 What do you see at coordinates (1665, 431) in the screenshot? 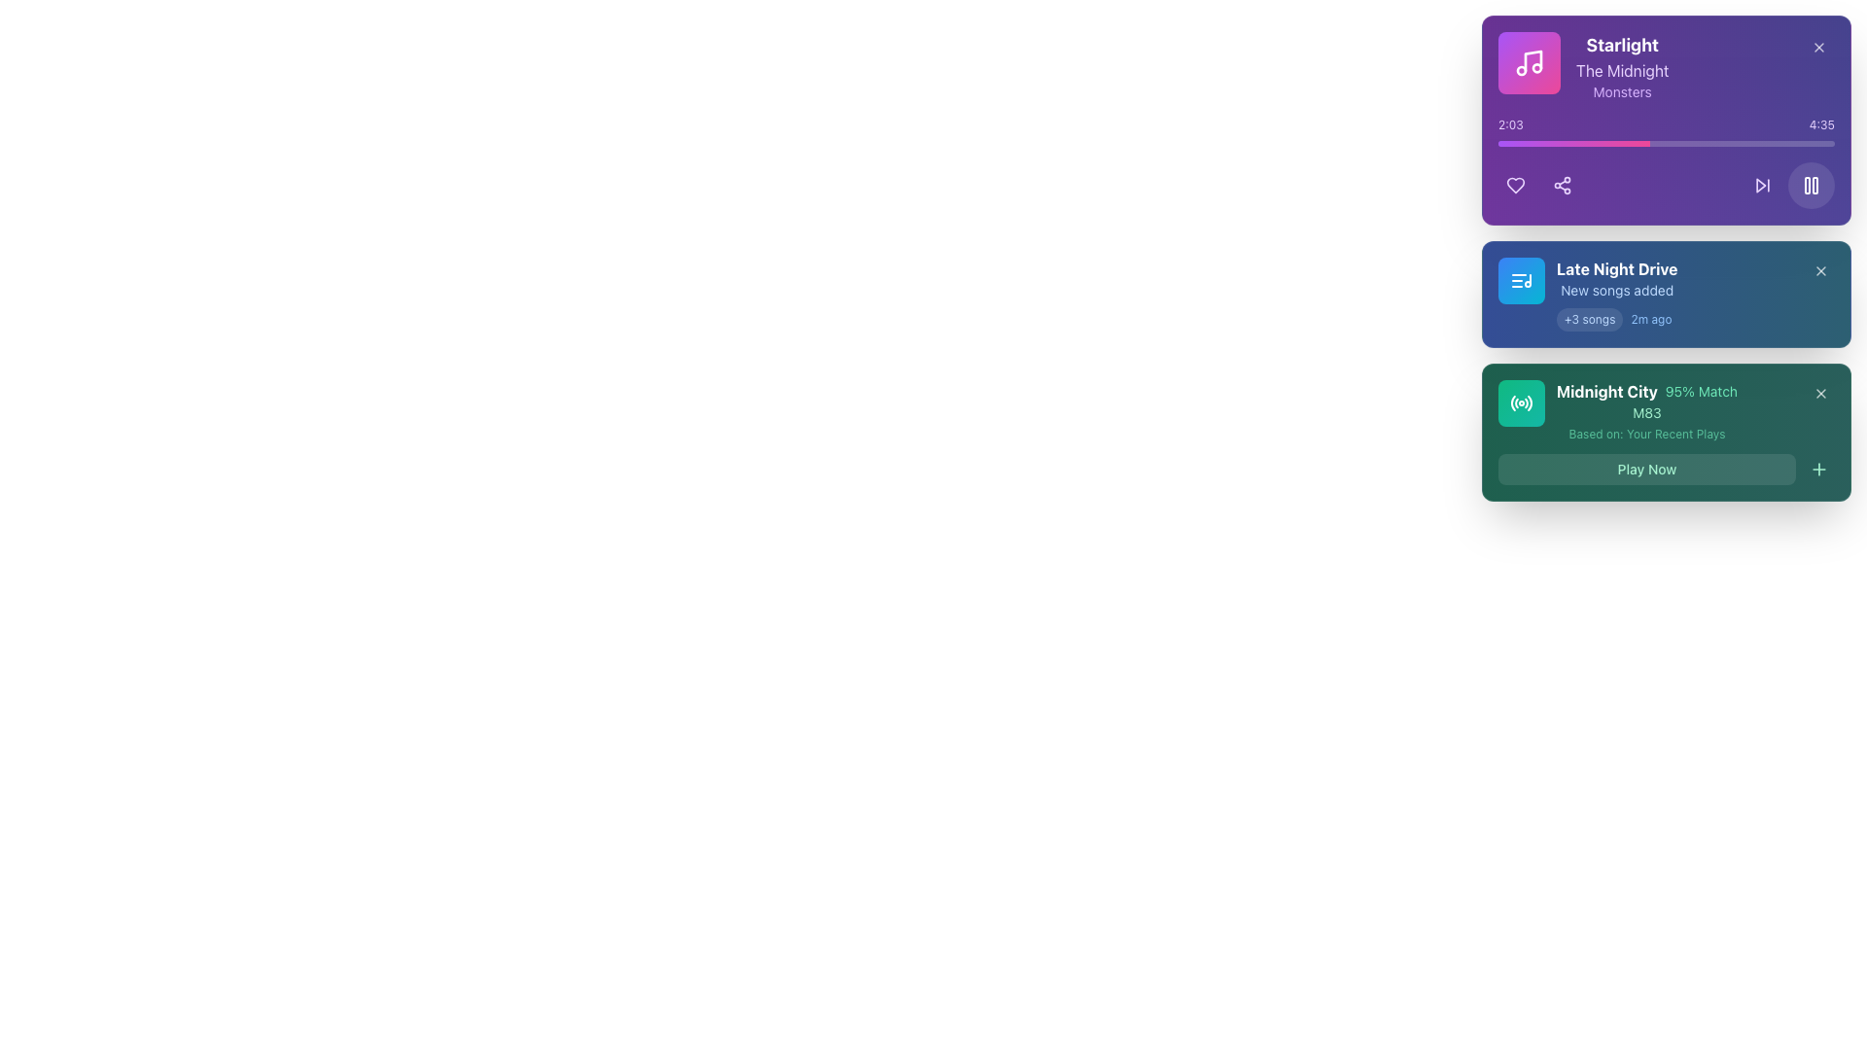
I see `the plus icon in the music recommendation panel, which is the third and last item in a vertical stack of panels, and possibly click it` at bounding box center [1665, 431].